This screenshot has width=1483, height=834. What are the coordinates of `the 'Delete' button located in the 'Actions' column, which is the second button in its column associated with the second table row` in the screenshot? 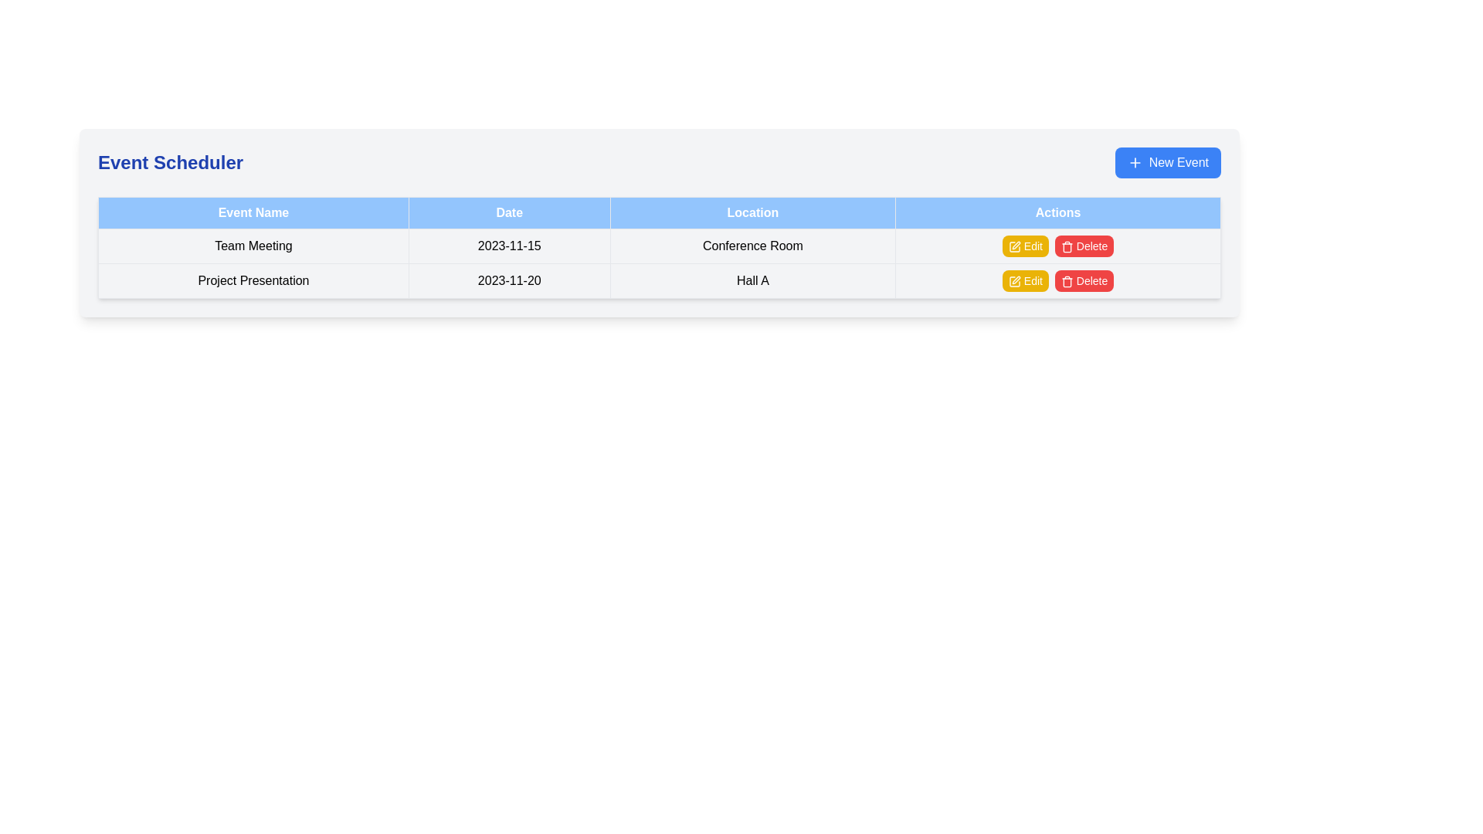 It's located at (1083, 246).